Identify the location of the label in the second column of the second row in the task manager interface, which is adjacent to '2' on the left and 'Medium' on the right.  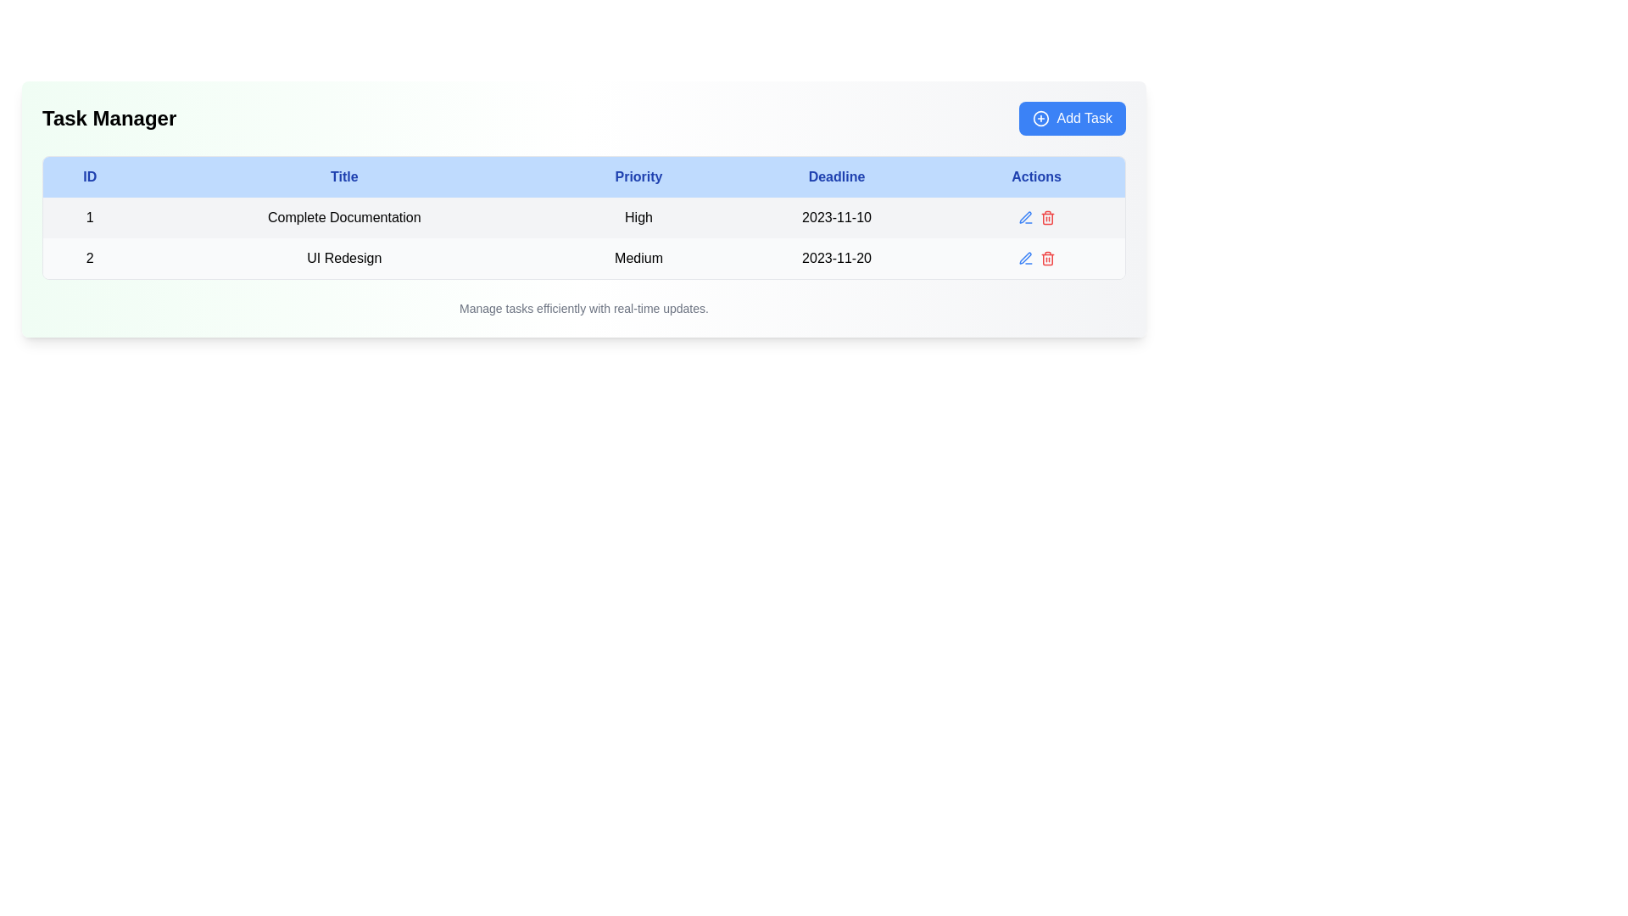
(343, 258).